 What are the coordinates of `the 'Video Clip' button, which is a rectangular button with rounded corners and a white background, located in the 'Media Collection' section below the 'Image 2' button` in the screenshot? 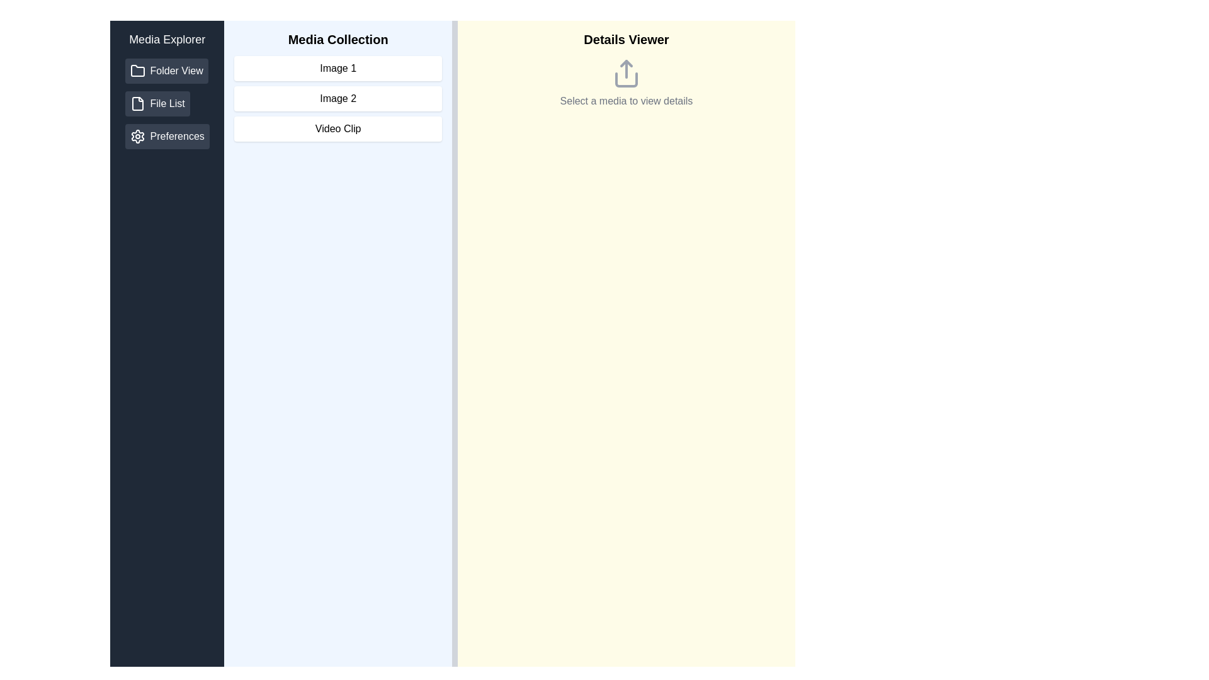 It's located at (338, 128).